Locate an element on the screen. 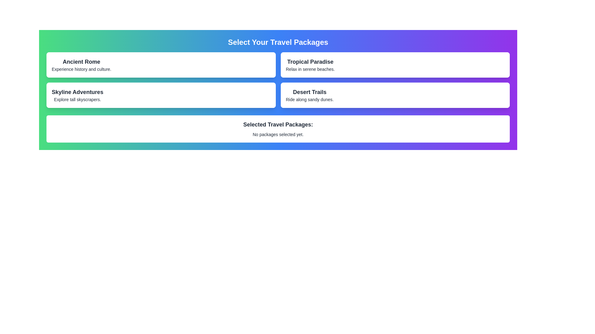 This screenshot has width=595, height=334. header text element titled 'Select Your Travel Packages', which is prominently displayed in a bold, white font on a gradient background is located at coordinates (278, 42).